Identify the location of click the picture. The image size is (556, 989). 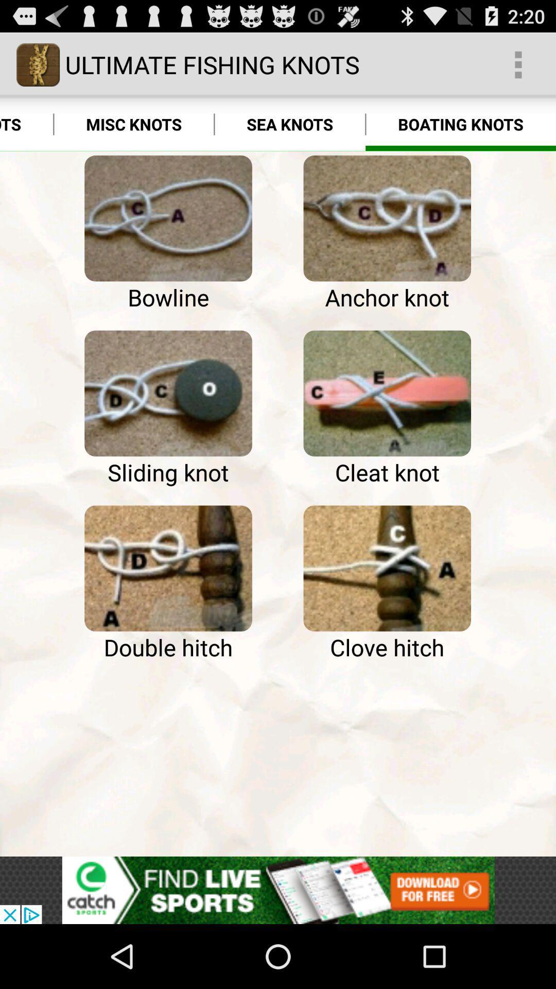
(387, 218).